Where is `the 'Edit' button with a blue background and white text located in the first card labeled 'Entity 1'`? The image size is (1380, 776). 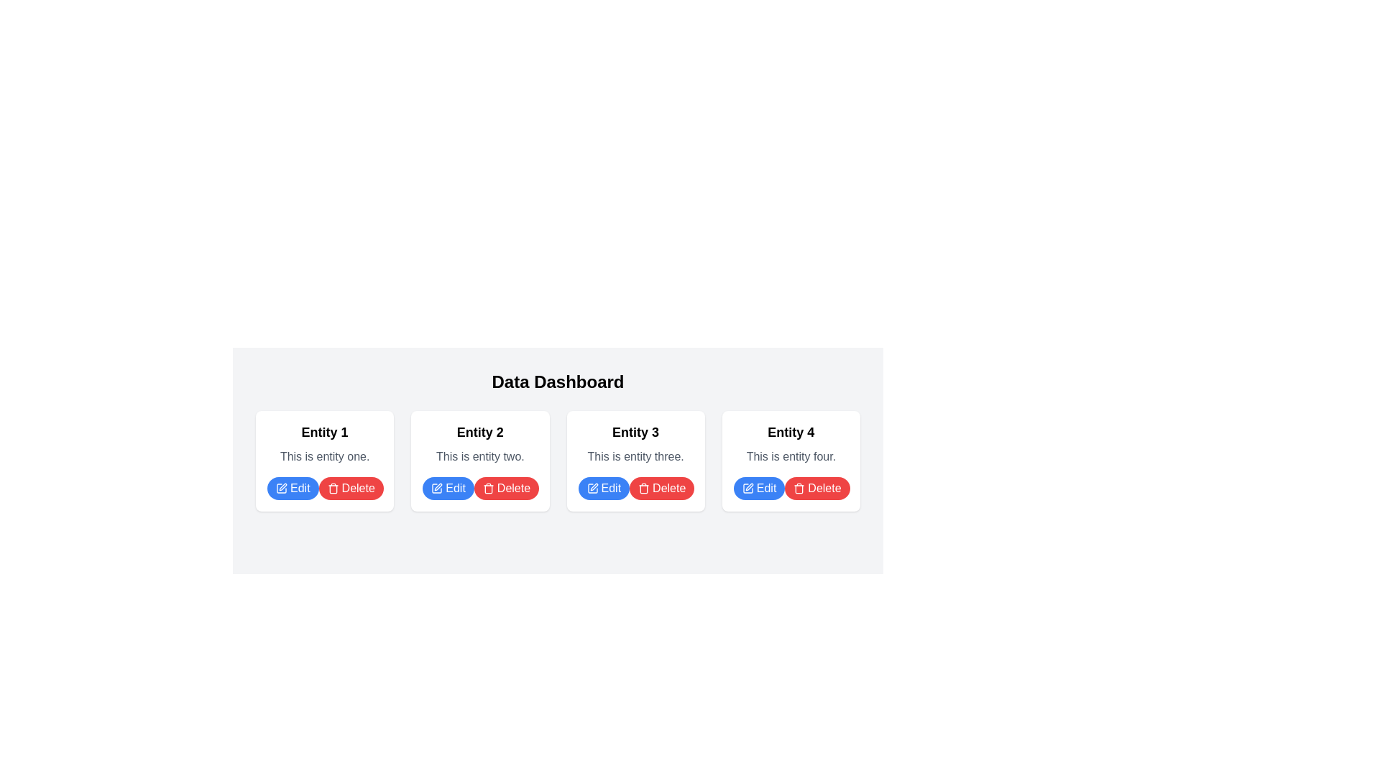
the 'Edit' button with a blue background and white text located in the first card labeled 'Entity 1' is located at coordinates (292, 487).